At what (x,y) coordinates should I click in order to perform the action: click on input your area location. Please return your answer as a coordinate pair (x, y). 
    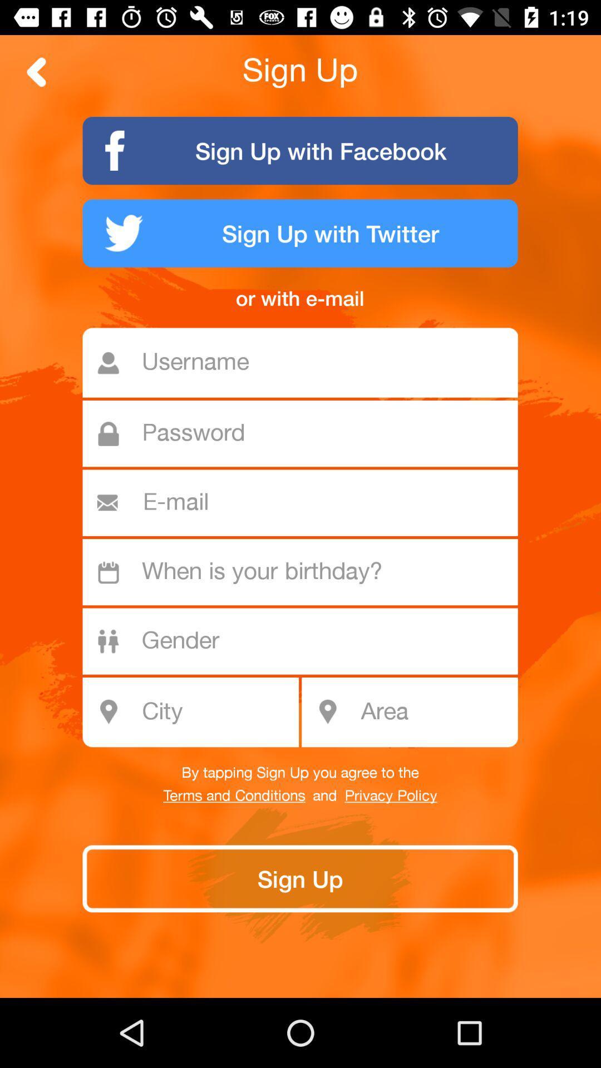
    Looking at the image, I should click on (435, 712).